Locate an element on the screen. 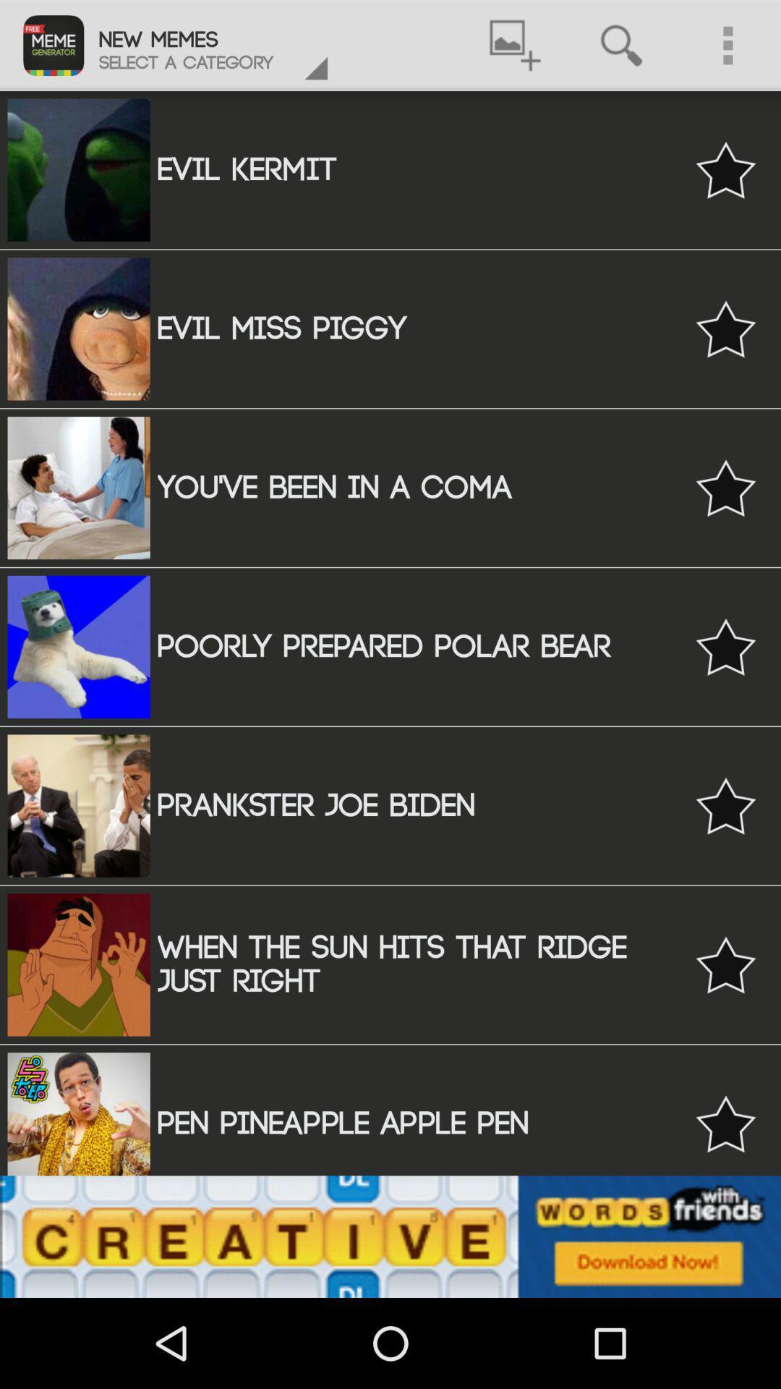 The width and height of the screenshot is (781, 1389). favourite option is located at coordinates (725, 964).